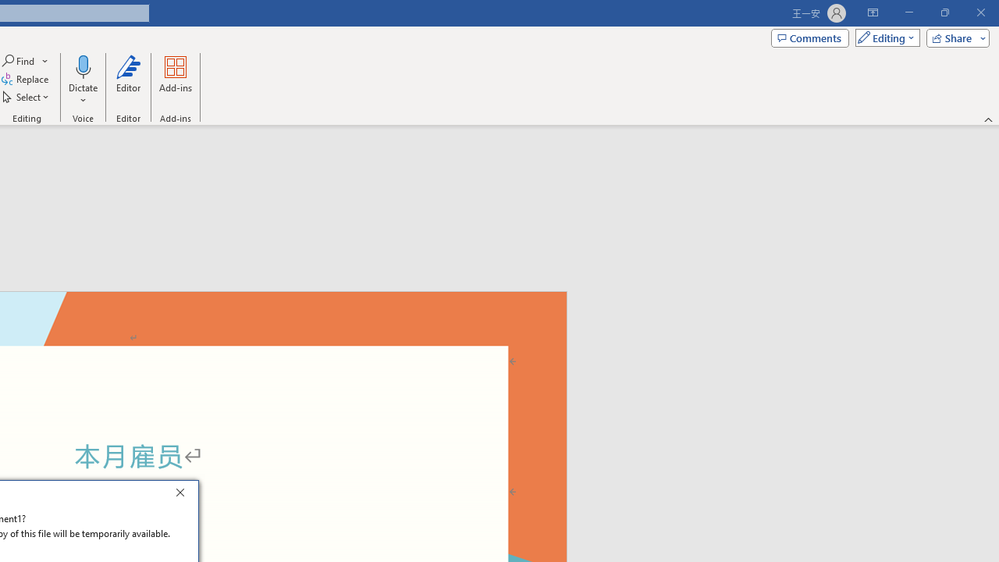 The width and height of the screenshot is (999, 562). I want to click on 'Share', so click(954, 37).